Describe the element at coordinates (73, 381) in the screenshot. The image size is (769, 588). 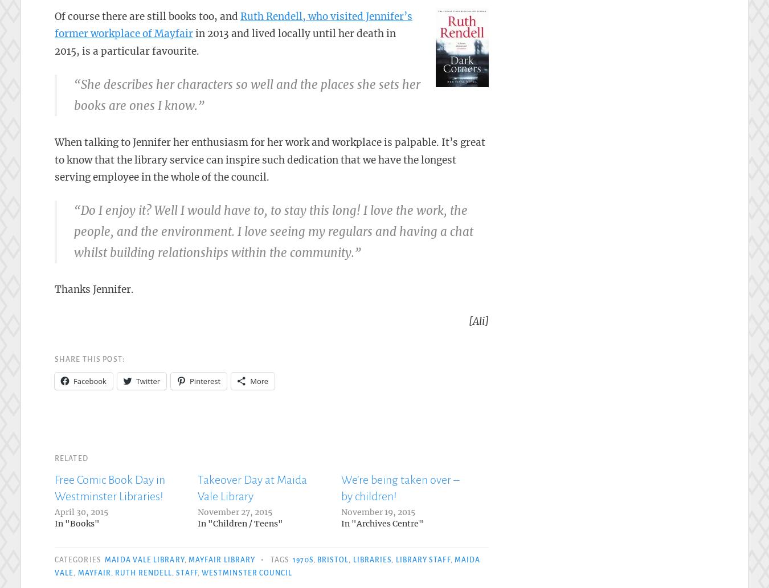
I see `'Facebook'` at that location.